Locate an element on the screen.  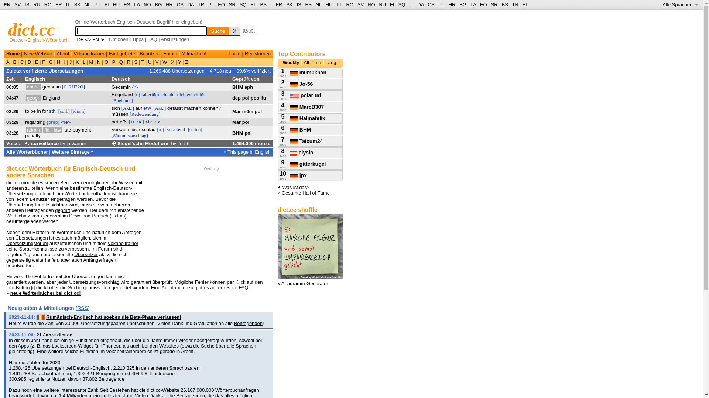
'law' is located at coordinates (56, 129).